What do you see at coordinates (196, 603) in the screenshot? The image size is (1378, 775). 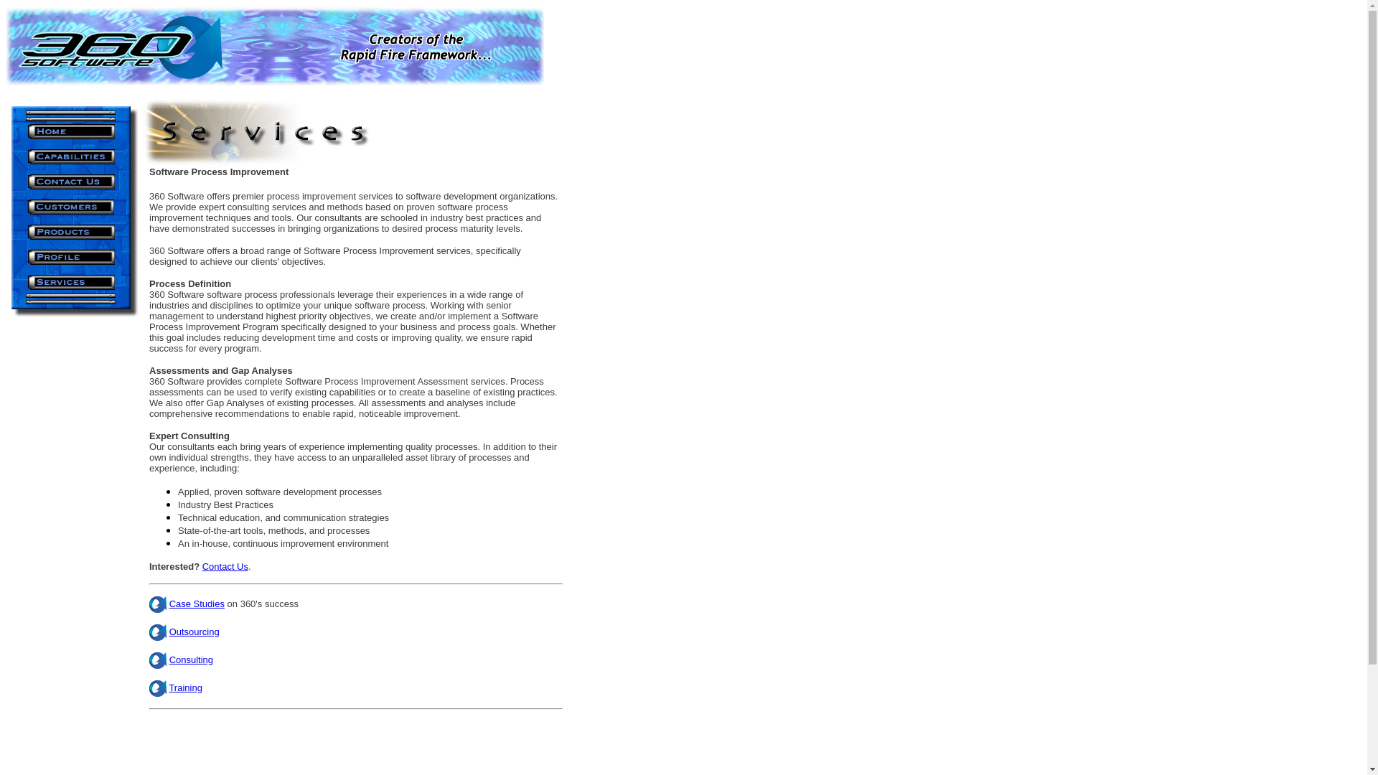 I see `'Case Studies'` at bounding box center [196, 603].